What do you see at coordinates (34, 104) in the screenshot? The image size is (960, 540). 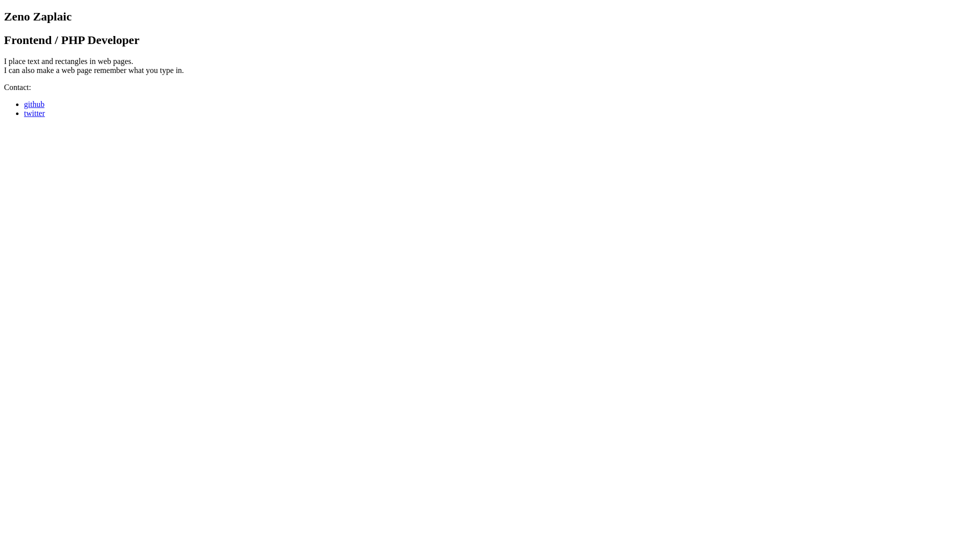 I see `'github'` at bounding box center [34, 104].